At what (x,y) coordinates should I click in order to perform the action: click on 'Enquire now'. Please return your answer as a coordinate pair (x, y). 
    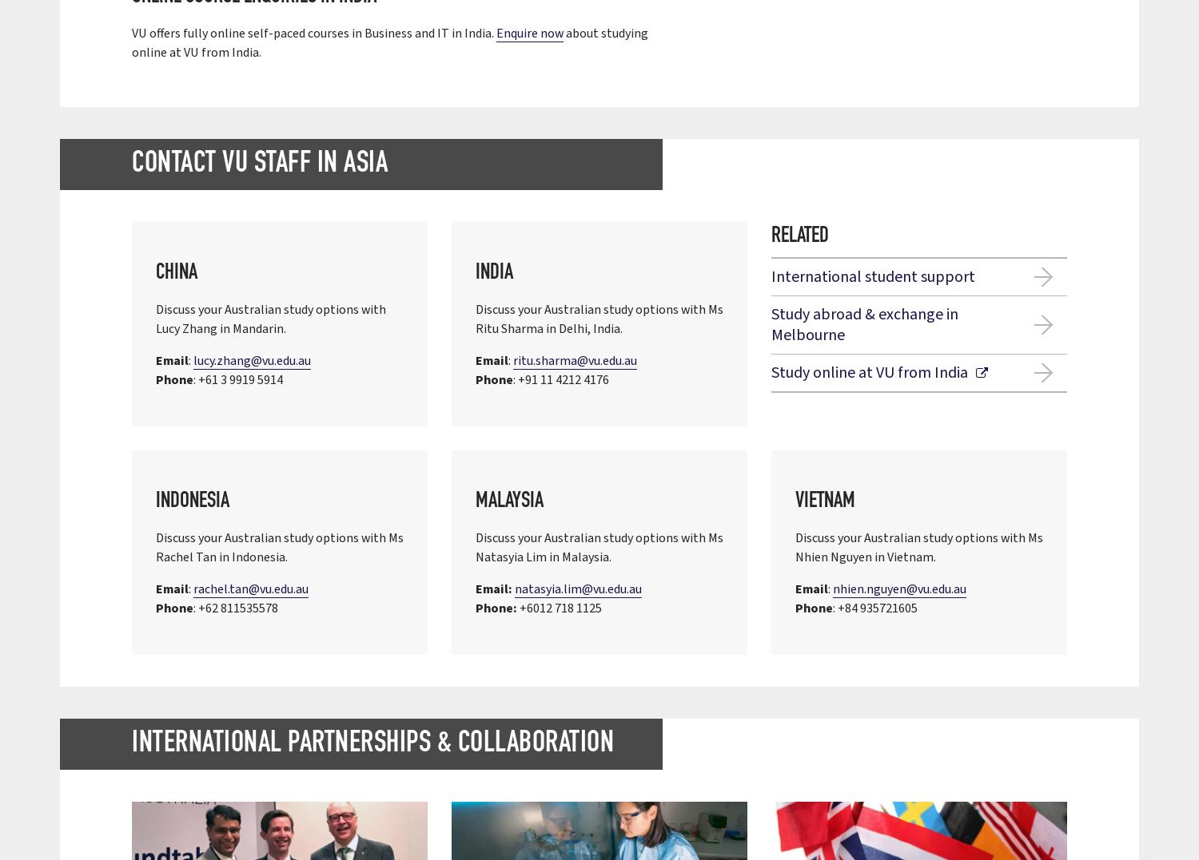
    Looking at the image, I should click on (530, 34).